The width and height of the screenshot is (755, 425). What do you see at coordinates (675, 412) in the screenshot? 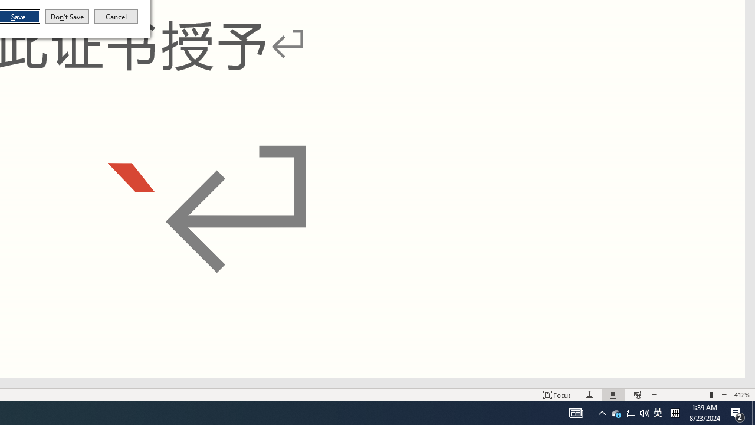
I see `'Tray Input Indicator - Chinese (Simplified, China)'` at bounding box center [675, 412].